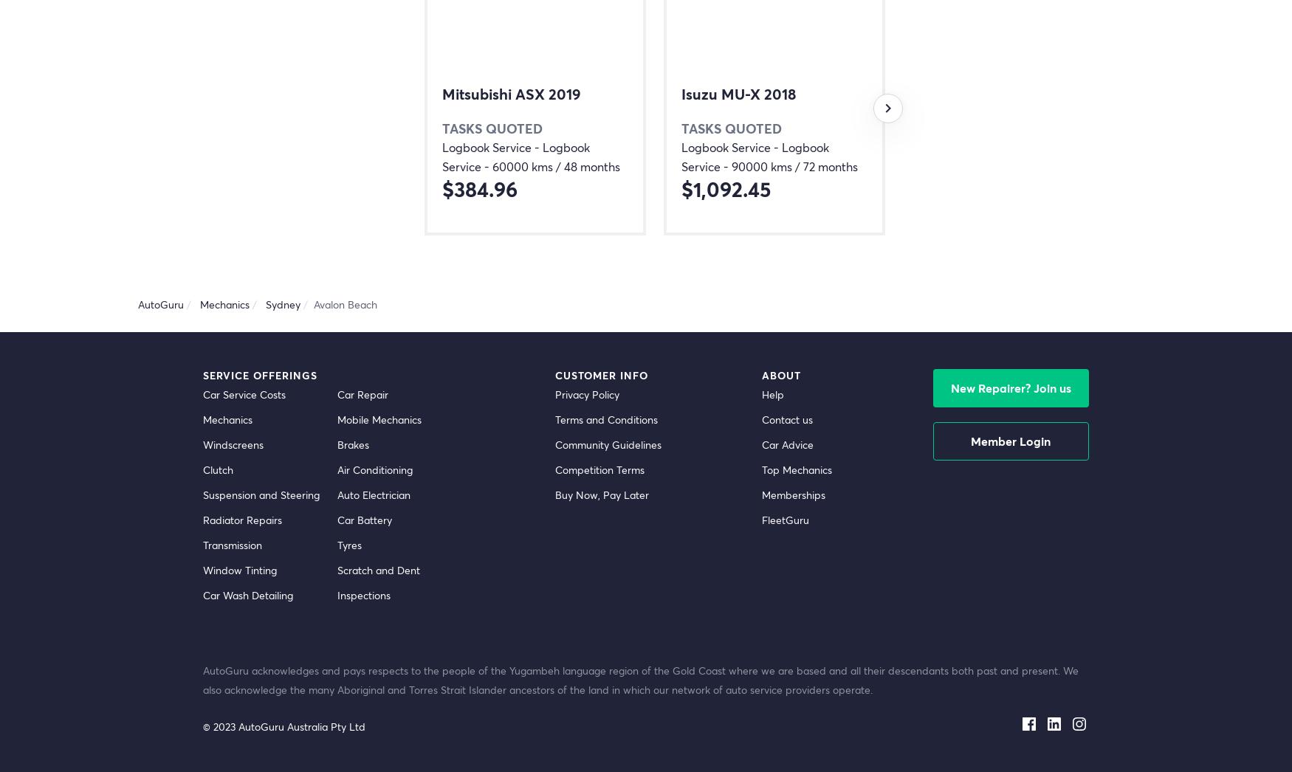 The width and height of the screenshot is (1292, 772). Describe the element at coordinates (1197, 169) in the screenshot. I see `'$266.29'` at that location.